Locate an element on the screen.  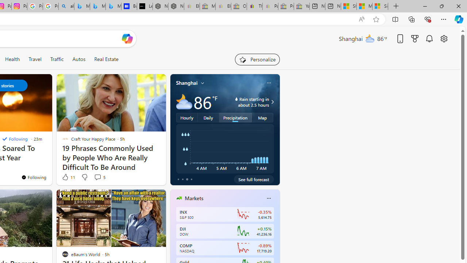
'Press Room - eBay Inc. - Sleeping' is located at coordinates (286, 6).